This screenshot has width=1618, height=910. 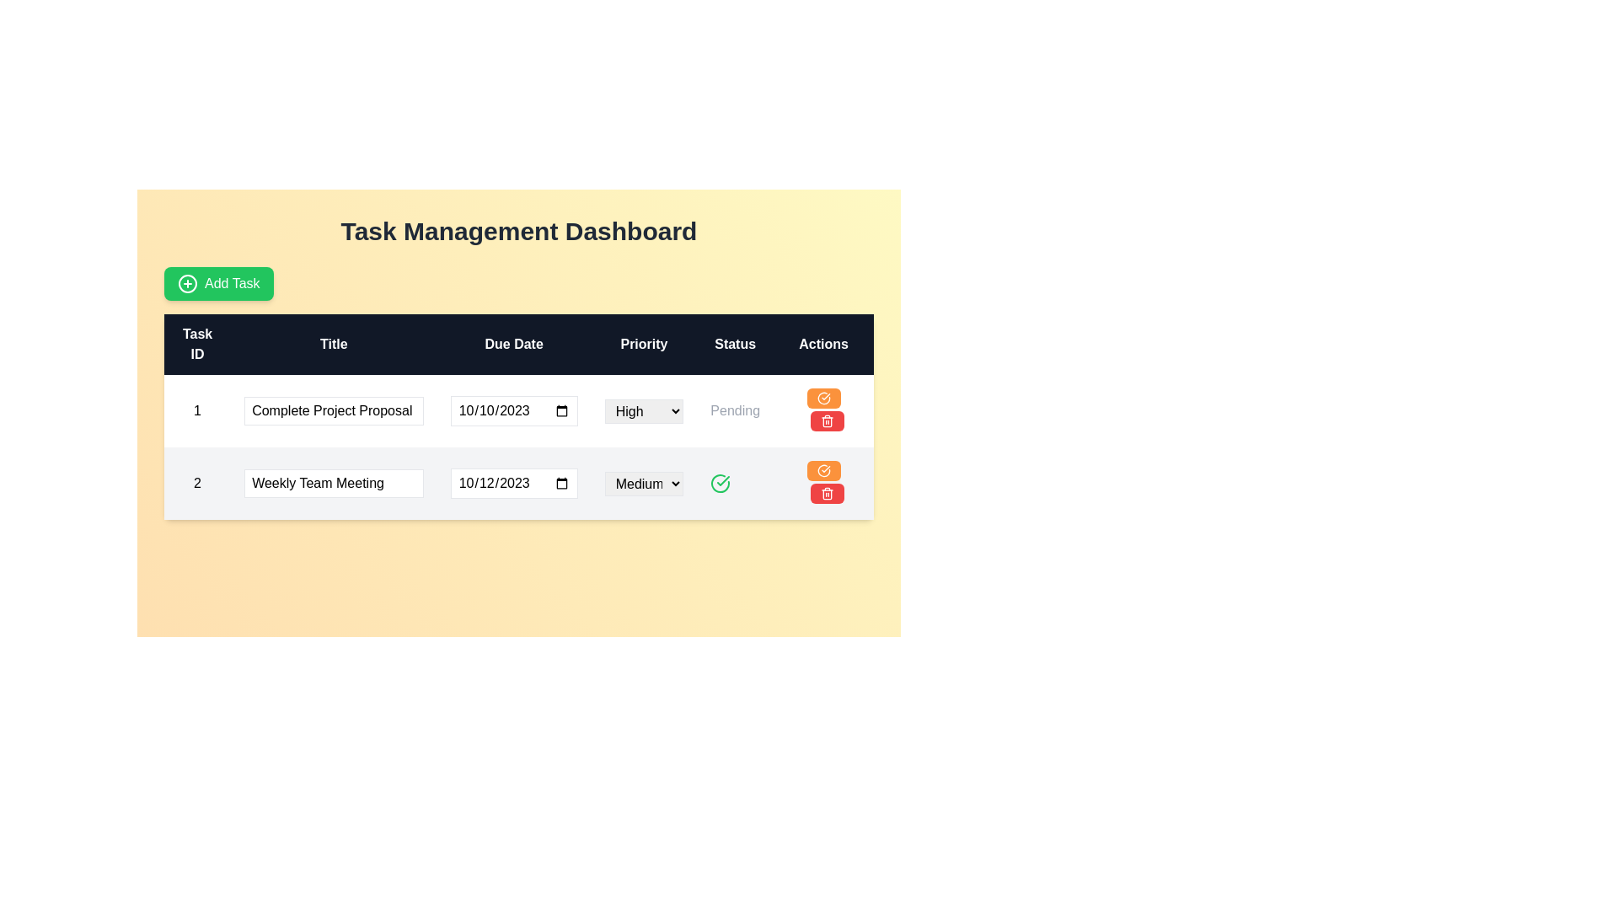 What do you see at coordinates (197, 343) in the screenshot?
I see `label of the 'Task ID' column header, which is the first header in the table located at the top-left of the table structure` at bounding box center [197, 343].